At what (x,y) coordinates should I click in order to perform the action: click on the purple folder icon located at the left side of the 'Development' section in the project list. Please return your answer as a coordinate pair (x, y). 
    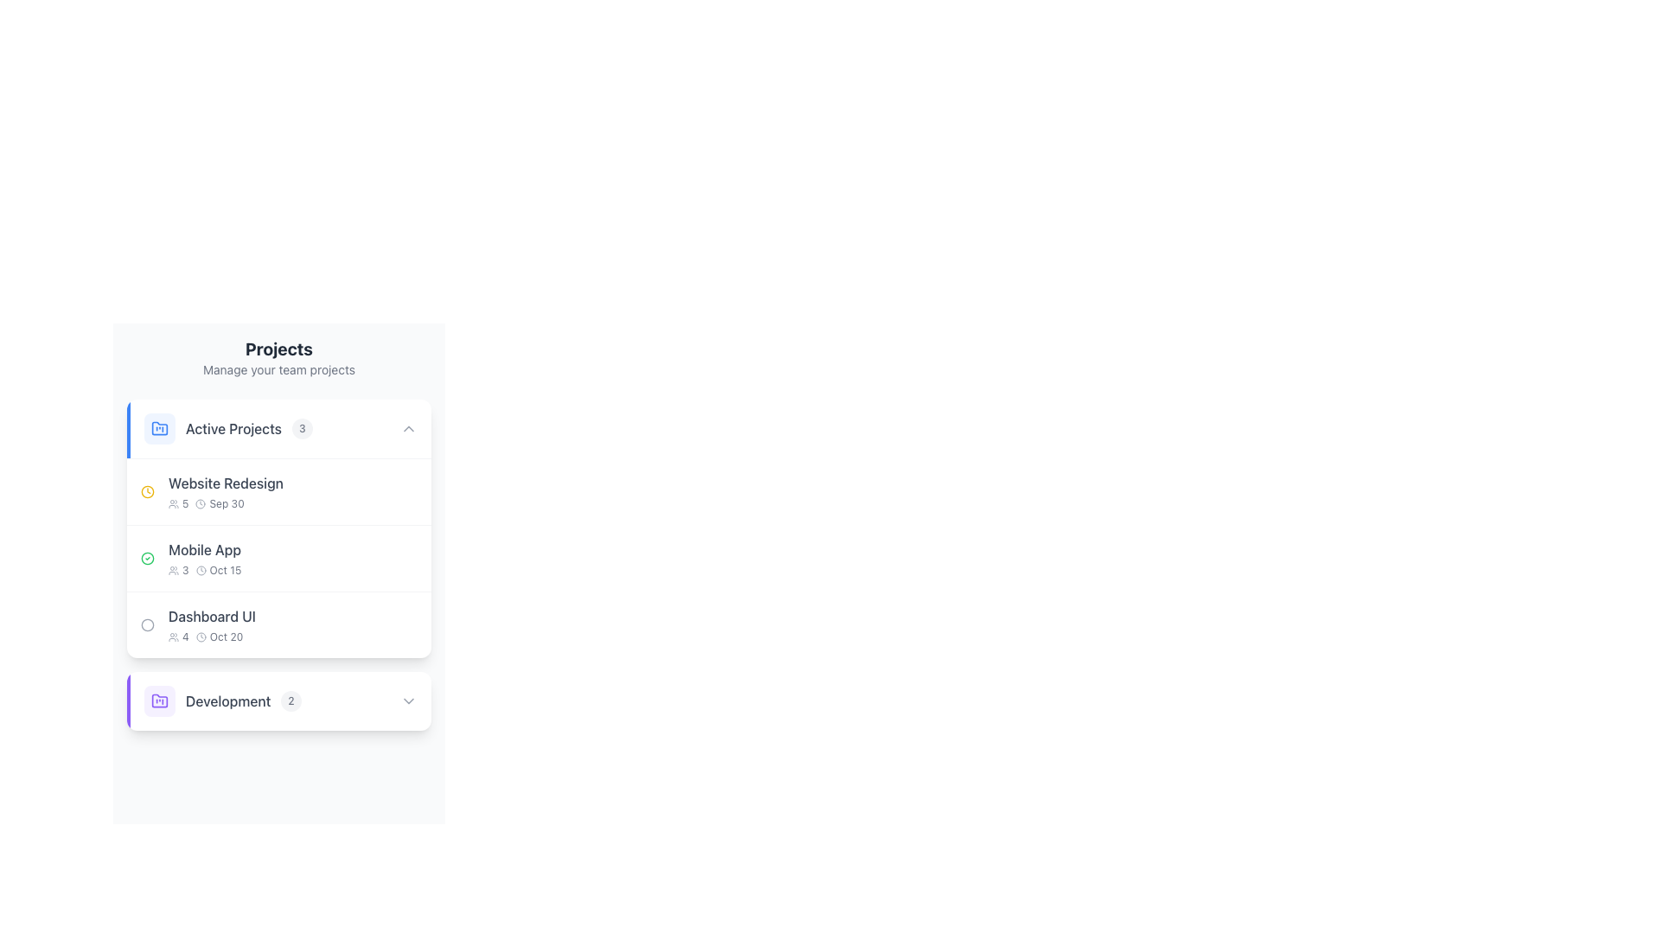
    Looking at the image, I should click on (160, 700).